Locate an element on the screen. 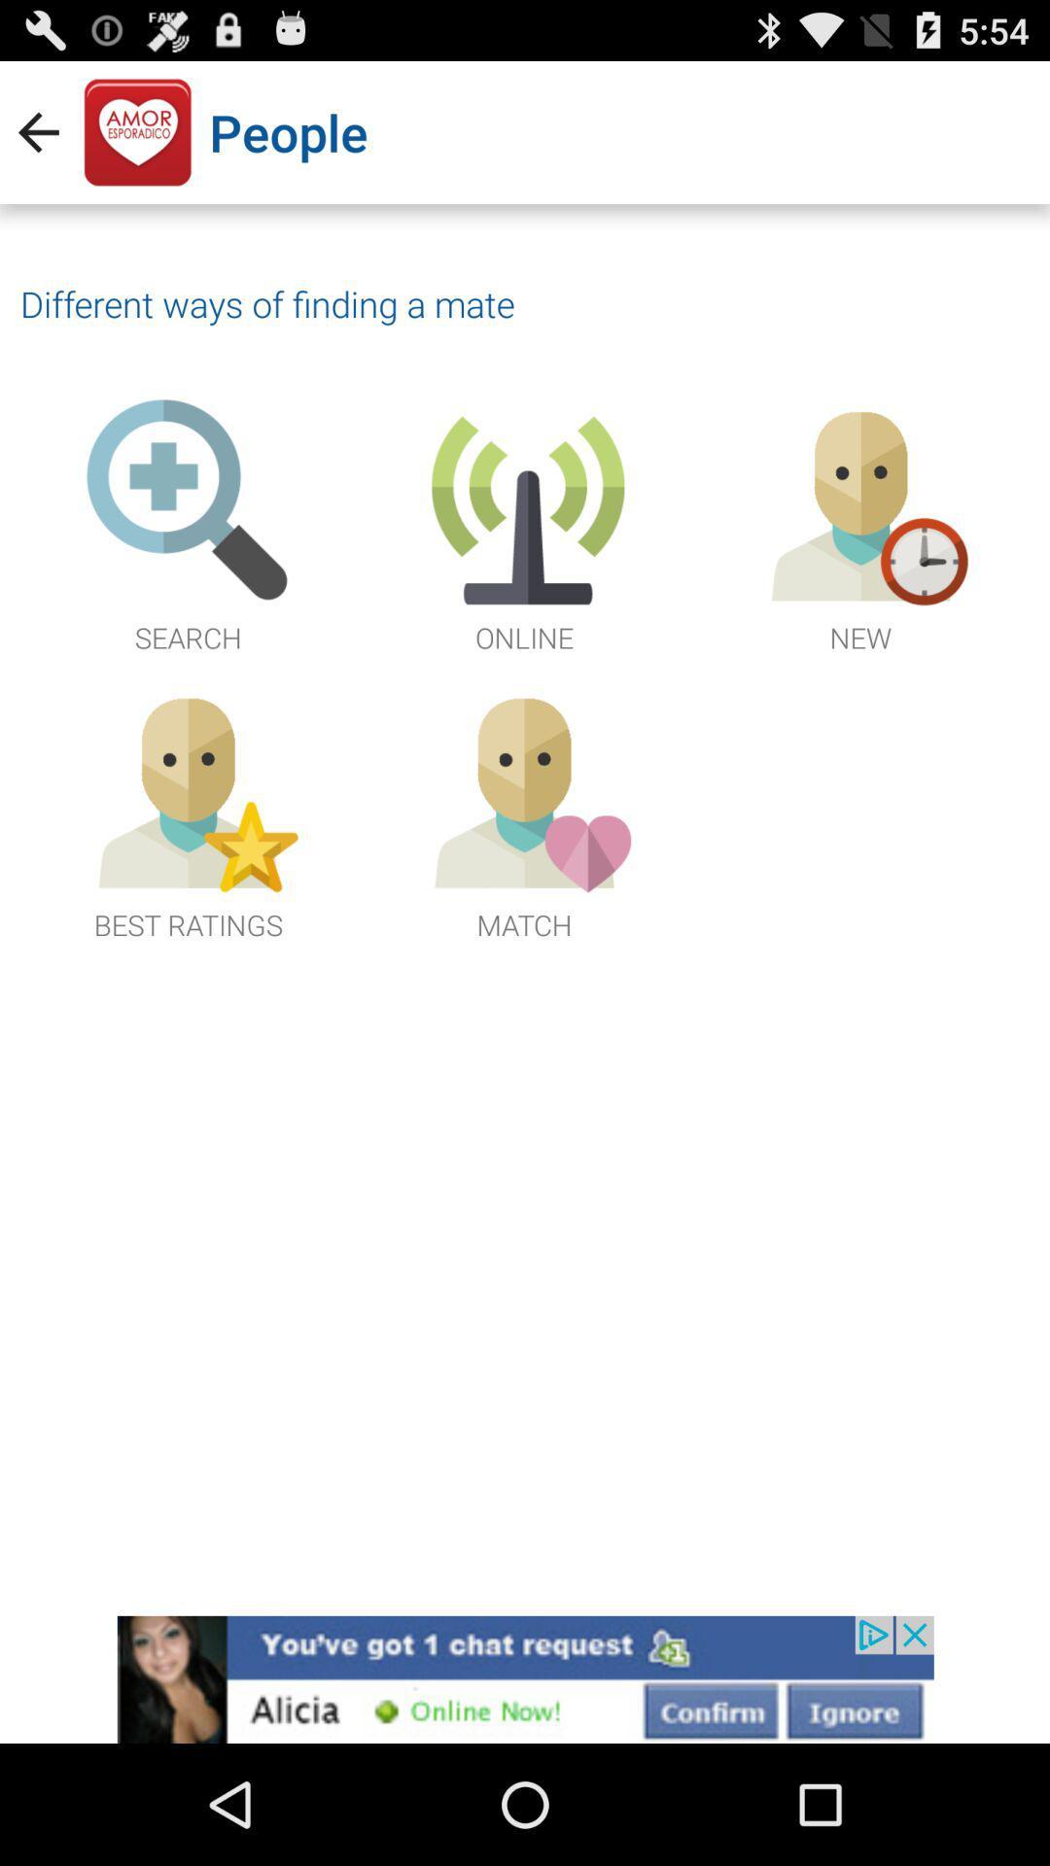 This screenshot has width=1050, height=1866. connect to advertisement is located at coordinates (525, 1678).